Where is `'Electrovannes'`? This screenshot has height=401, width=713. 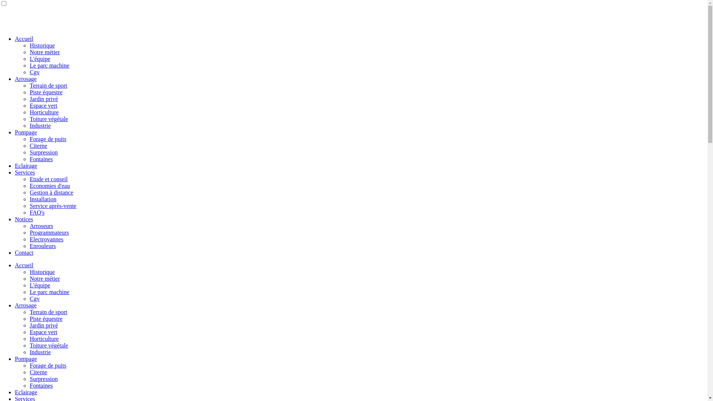 'Electrovannes' is located at coordinates (30, 239).